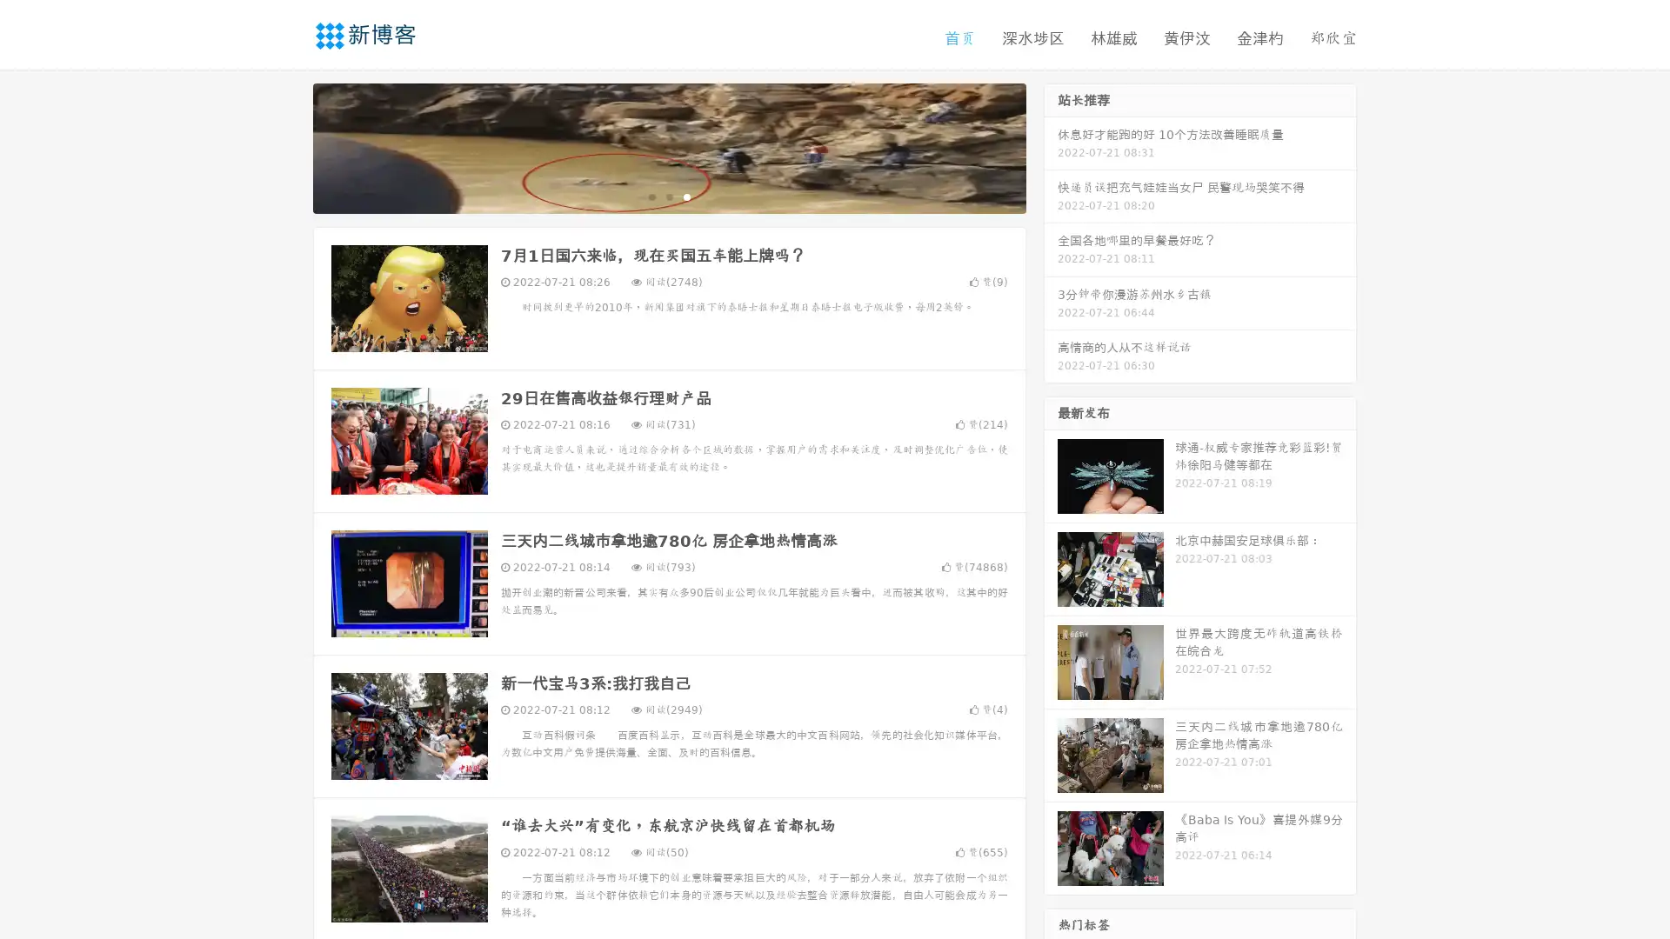 The image size is (1670, 939). I want to click on Previous slide, so click(287, 146).